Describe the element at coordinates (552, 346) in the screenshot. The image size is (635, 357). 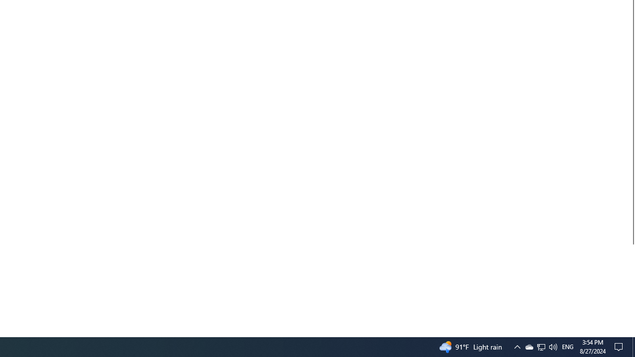
I see `'Q2790: 100%'` at that location.